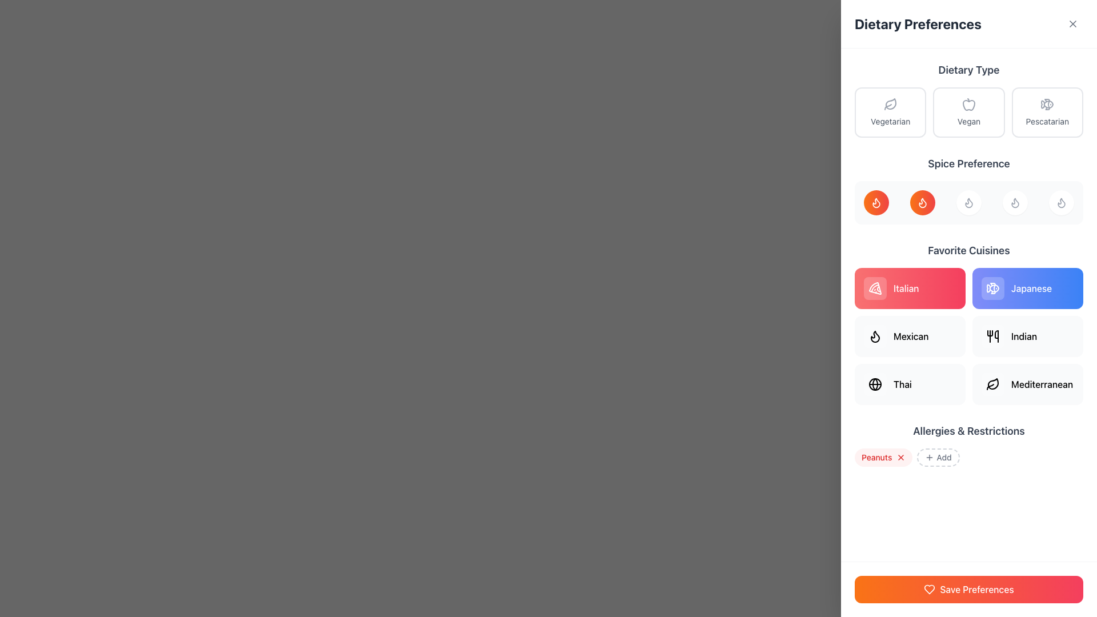 This screenshot has height=617, width=1097. Describe the element at coordinates (968, 112) in the screenshot. I see `the 'Vegan' selectable card, which is a rounded rectangular card with an apple icon at the top and the text 'Vegan' below it, located in the 'Dietary Preferences' dialog box` at that location.